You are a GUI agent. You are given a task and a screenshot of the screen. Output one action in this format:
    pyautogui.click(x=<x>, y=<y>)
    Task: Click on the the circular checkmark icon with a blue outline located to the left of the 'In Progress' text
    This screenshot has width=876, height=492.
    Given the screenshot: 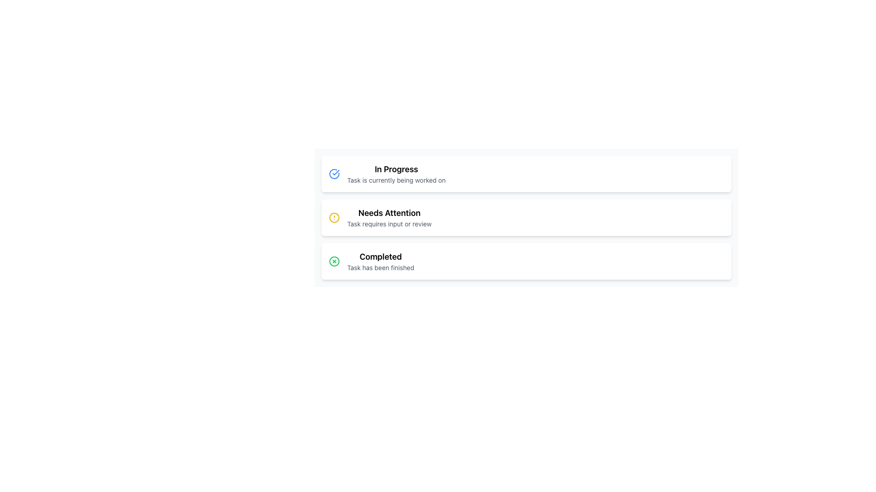 What is the action you would take?
    pyautogui.click(x=334, y=174)
    